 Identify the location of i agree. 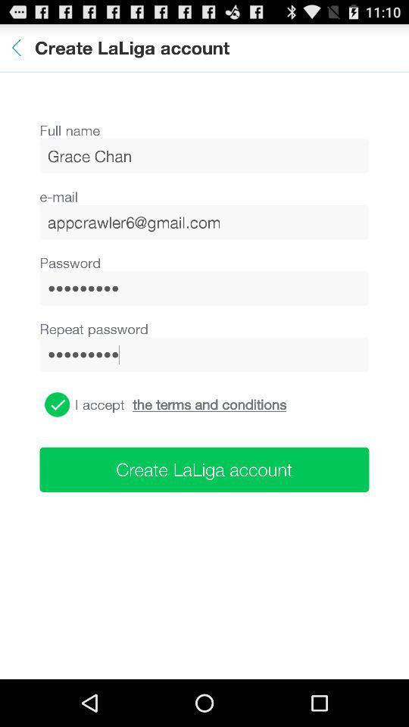
(56, 404).